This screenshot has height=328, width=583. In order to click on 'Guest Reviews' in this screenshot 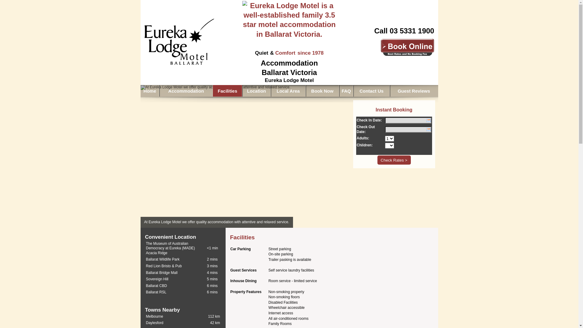, I will do `click(414, 91)`.